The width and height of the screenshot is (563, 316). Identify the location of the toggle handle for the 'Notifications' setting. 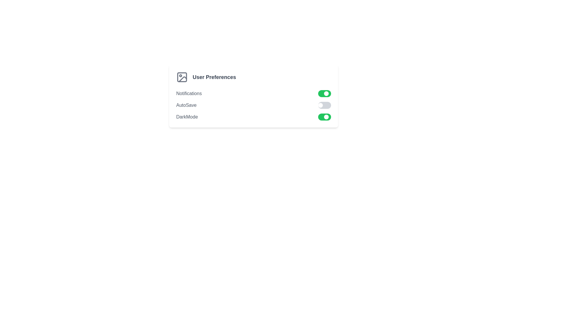
(326, 93).